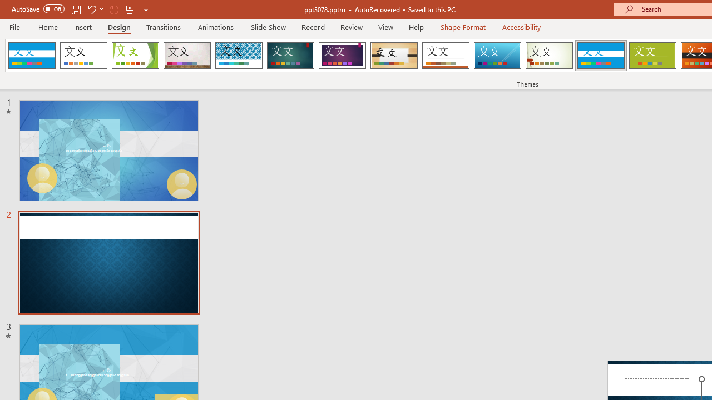  Describe the element at coordinates (549, 56) in the screenshot. I see `'Wisp'` at that location.